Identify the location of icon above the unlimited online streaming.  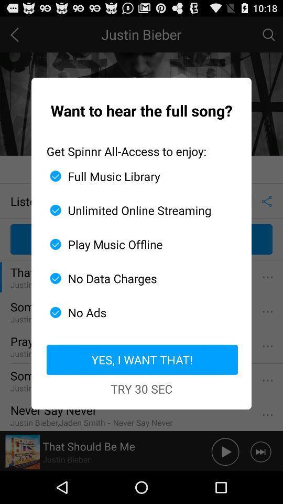
(137, 176).